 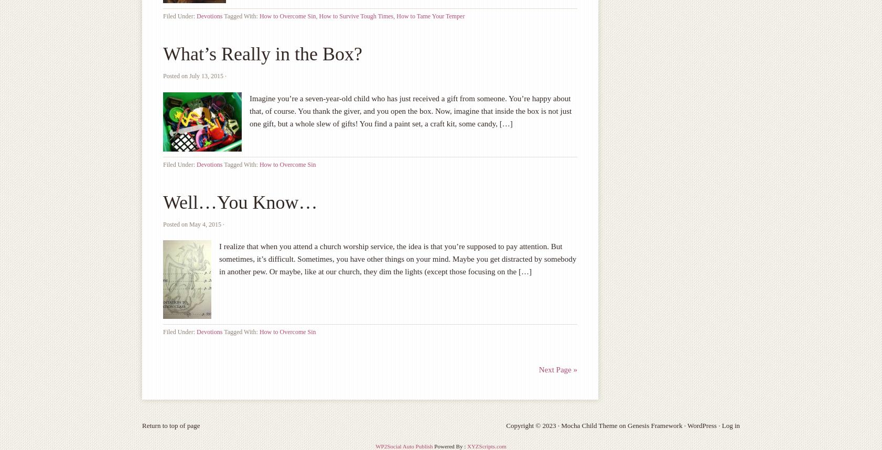 I want to click on 'Powered By :', so click(x=449, y=445).